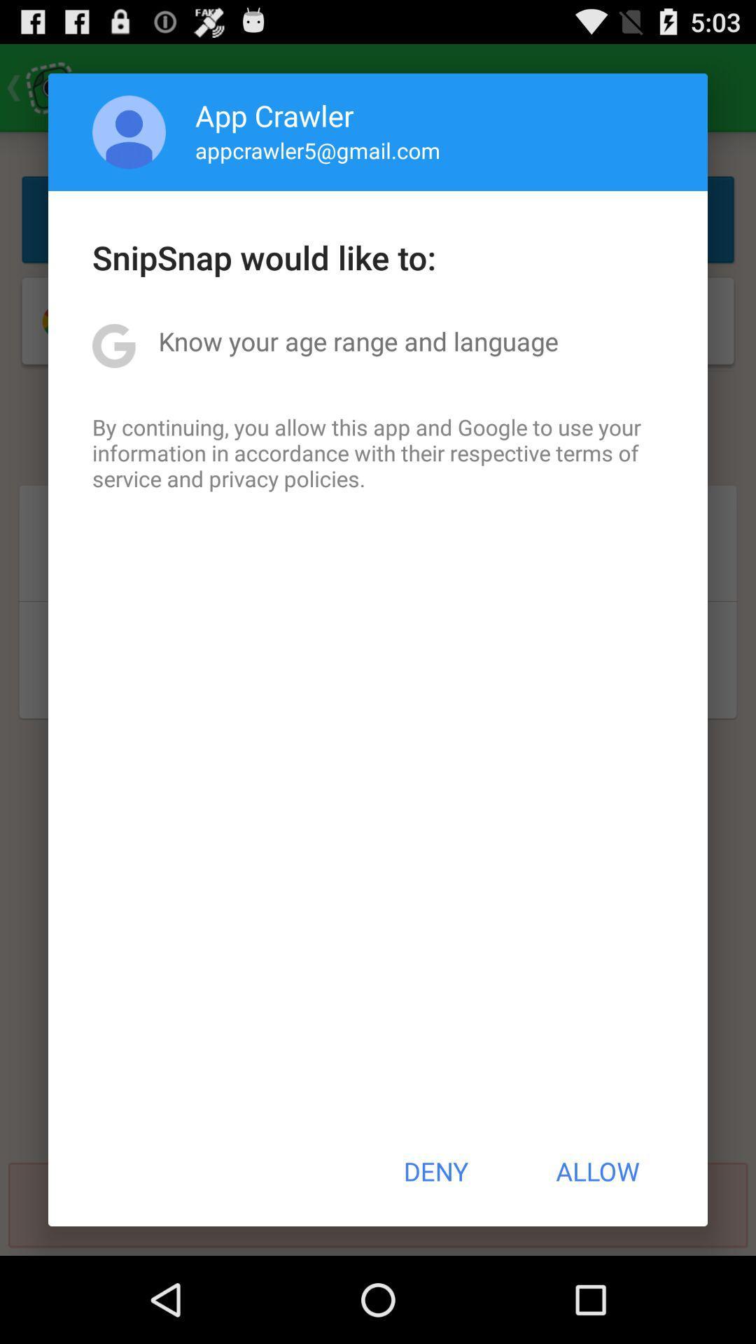 This screenshot has height=1344, width=756. I want to click on deny button, so click(435, 1171).